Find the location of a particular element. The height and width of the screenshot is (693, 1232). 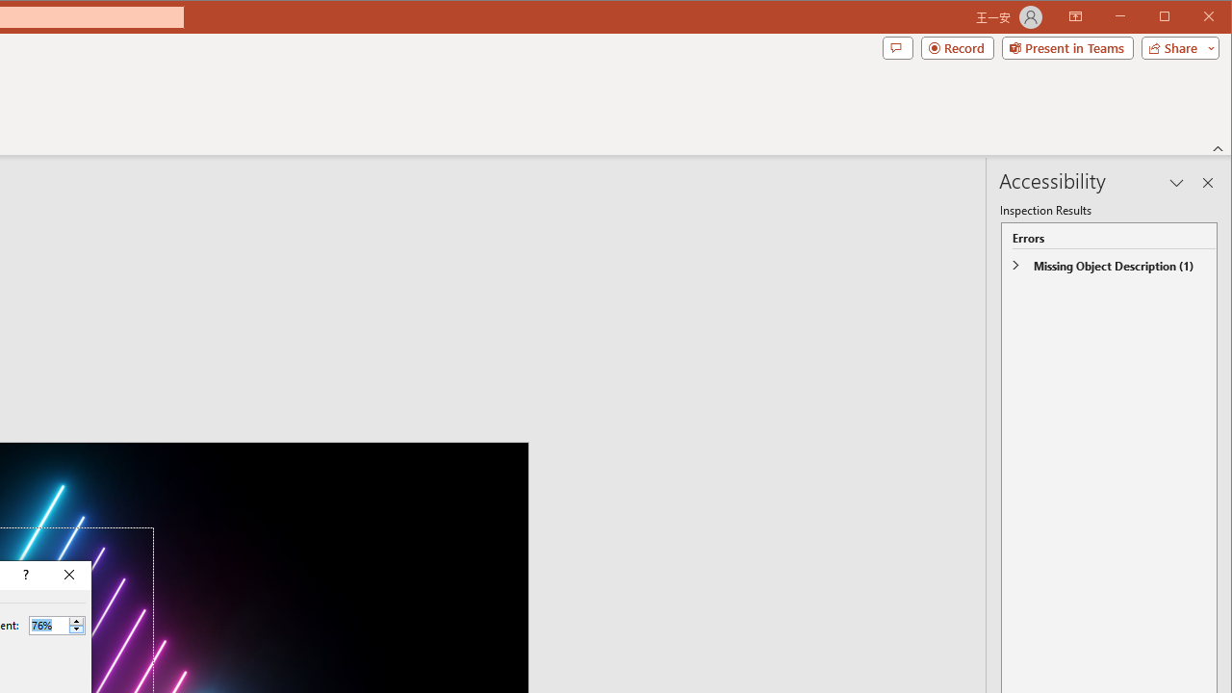

'Percent' is located at coordinates (57, 626).